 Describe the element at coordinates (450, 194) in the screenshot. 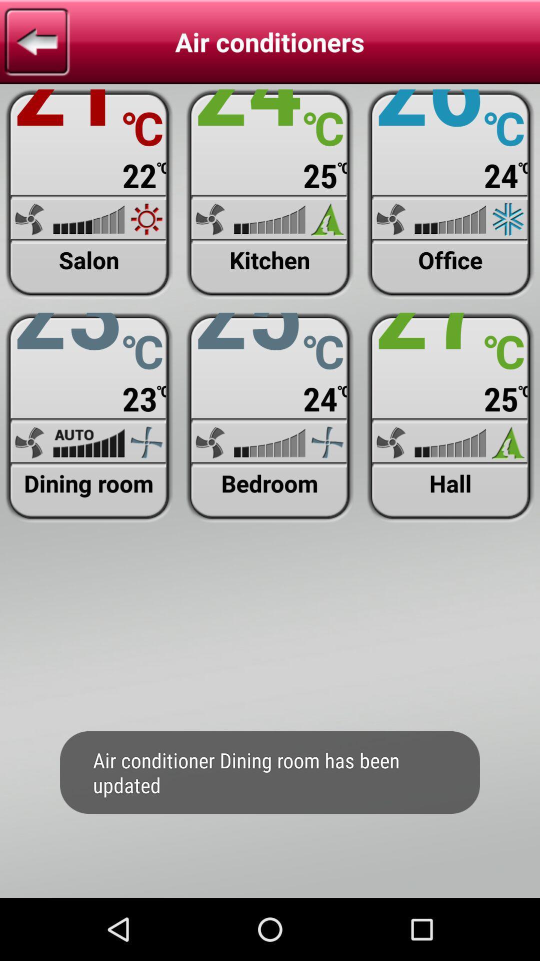

I see `bring up air conditioner` at that location.